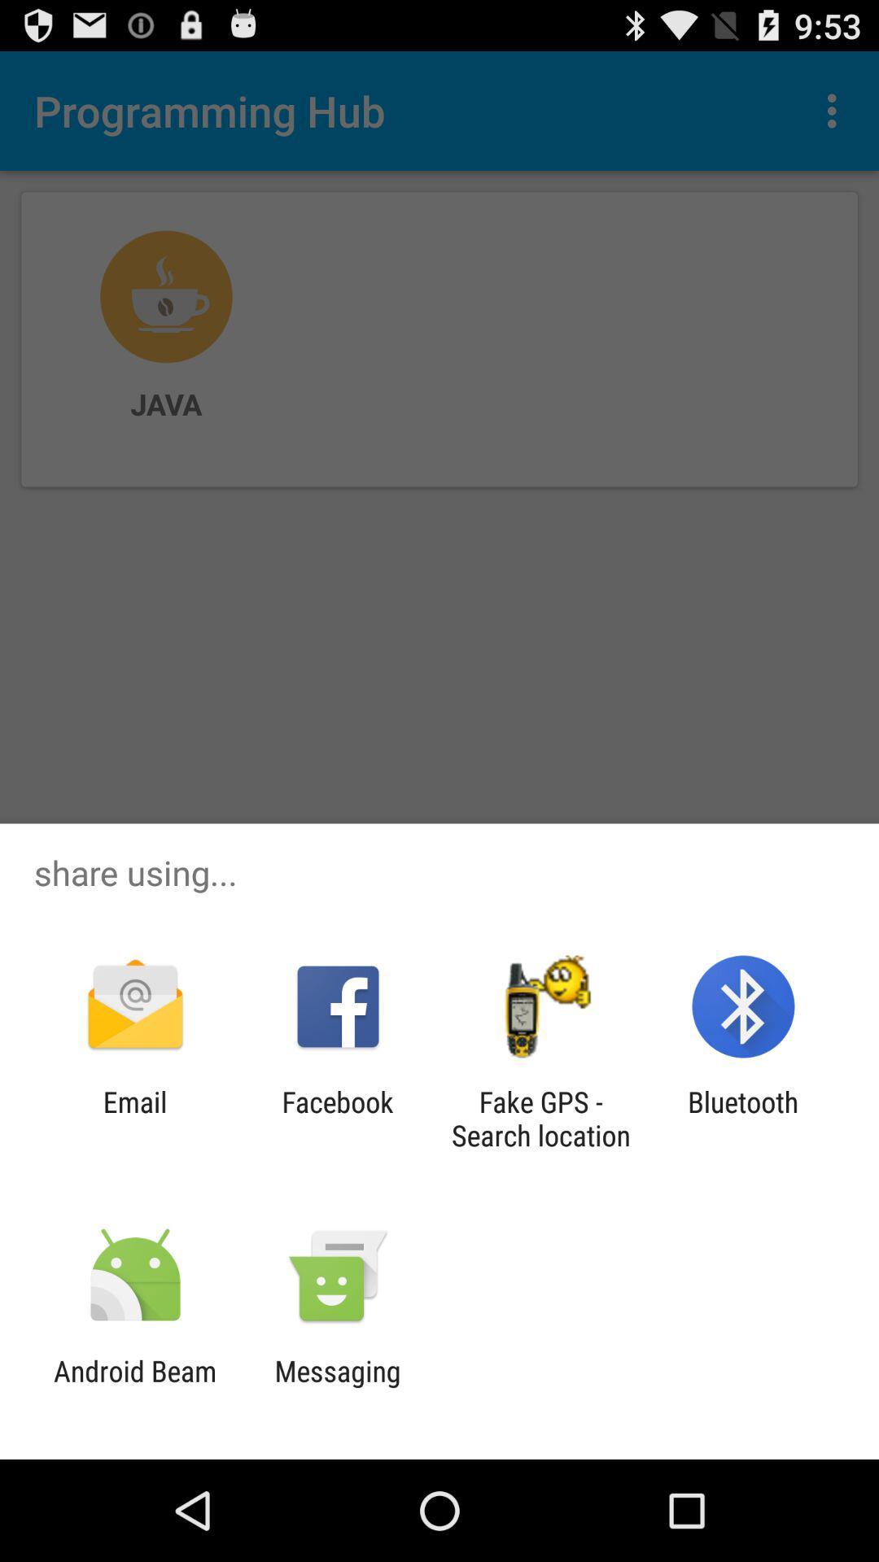 This screenshot has width=879, height=1562. Describe the element at coordinates (337, 1387) in the screenshot. I see `messaging icon` at that location.